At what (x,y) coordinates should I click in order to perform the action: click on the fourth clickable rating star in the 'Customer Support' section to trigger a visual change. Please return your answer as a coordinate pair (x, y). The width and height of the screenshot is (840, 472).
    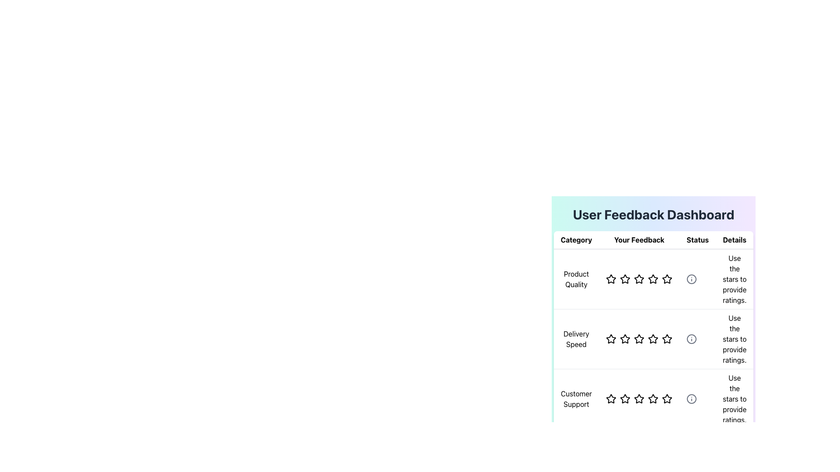
    Looking at the image, I should click on (639, 399).